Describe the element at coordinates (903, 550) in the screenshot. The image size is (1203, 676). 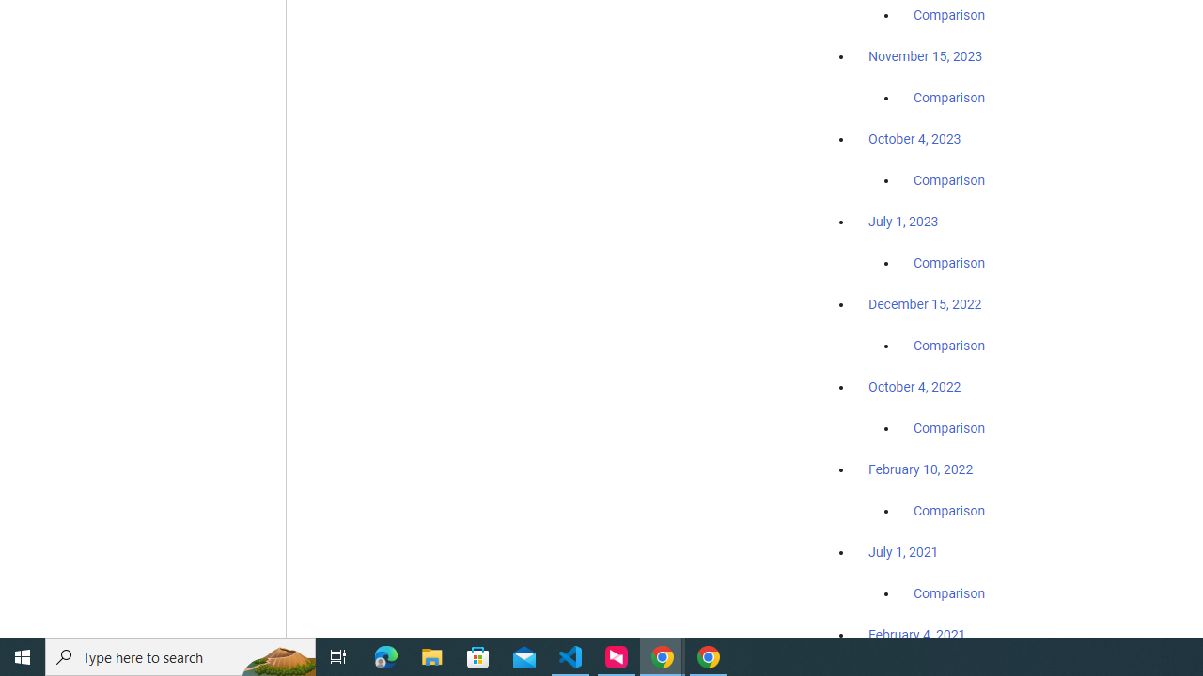
I see `'July 1, 2021'` at that location.